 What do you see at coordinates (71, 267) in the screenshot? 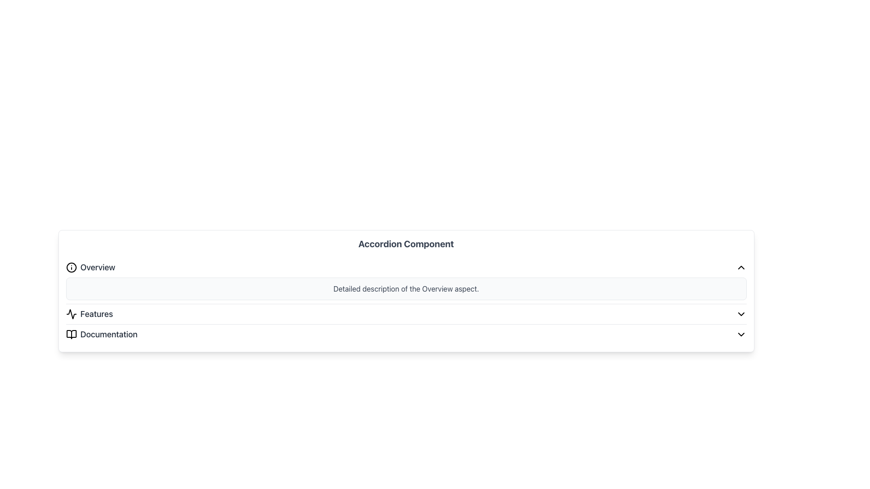
I see `the leftmost icon in the 'Overview' section, which is positioned next to the 'Overview' label` at bounding box center [71, 267].